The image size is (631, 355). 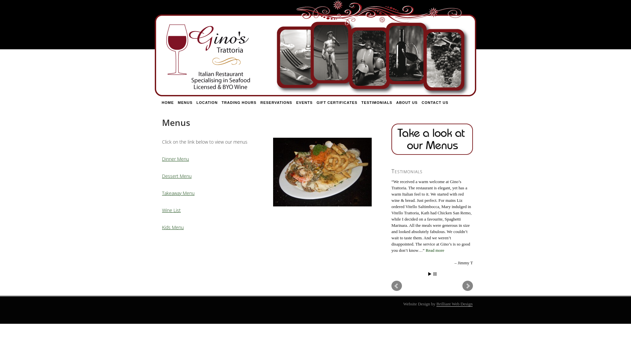 What do you see at coordinates (337, 103) in the screenshot?
I see `'GIFT CERTIFICATES'` at bounding box center [337, 103].